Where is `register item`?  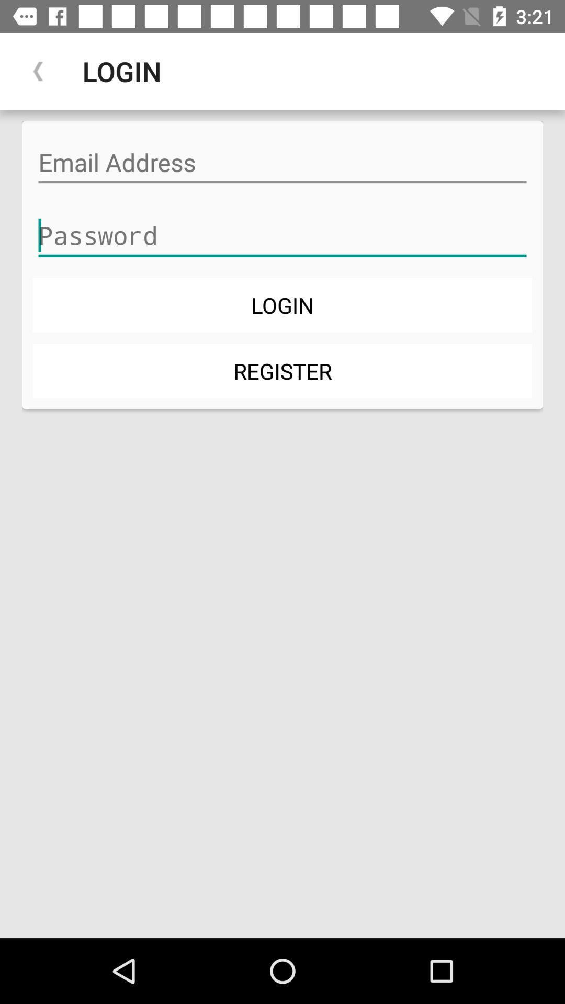 register item is located at coordinates (282, 371).